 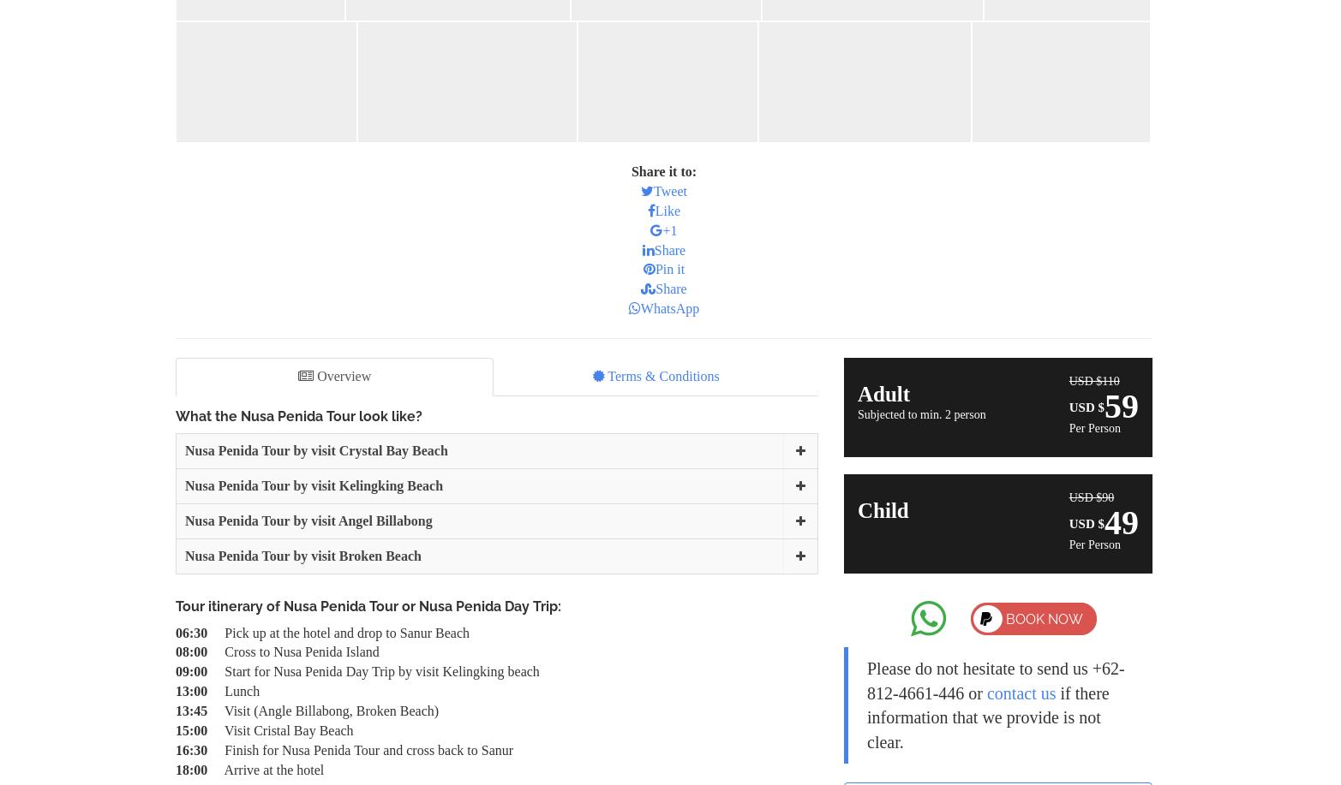 What do you see at coordinates (313, 485) in the screenshot?
I see `'Nusa Penida Tour by visit Kelingking Beach'` at bounding box center [313, 485].